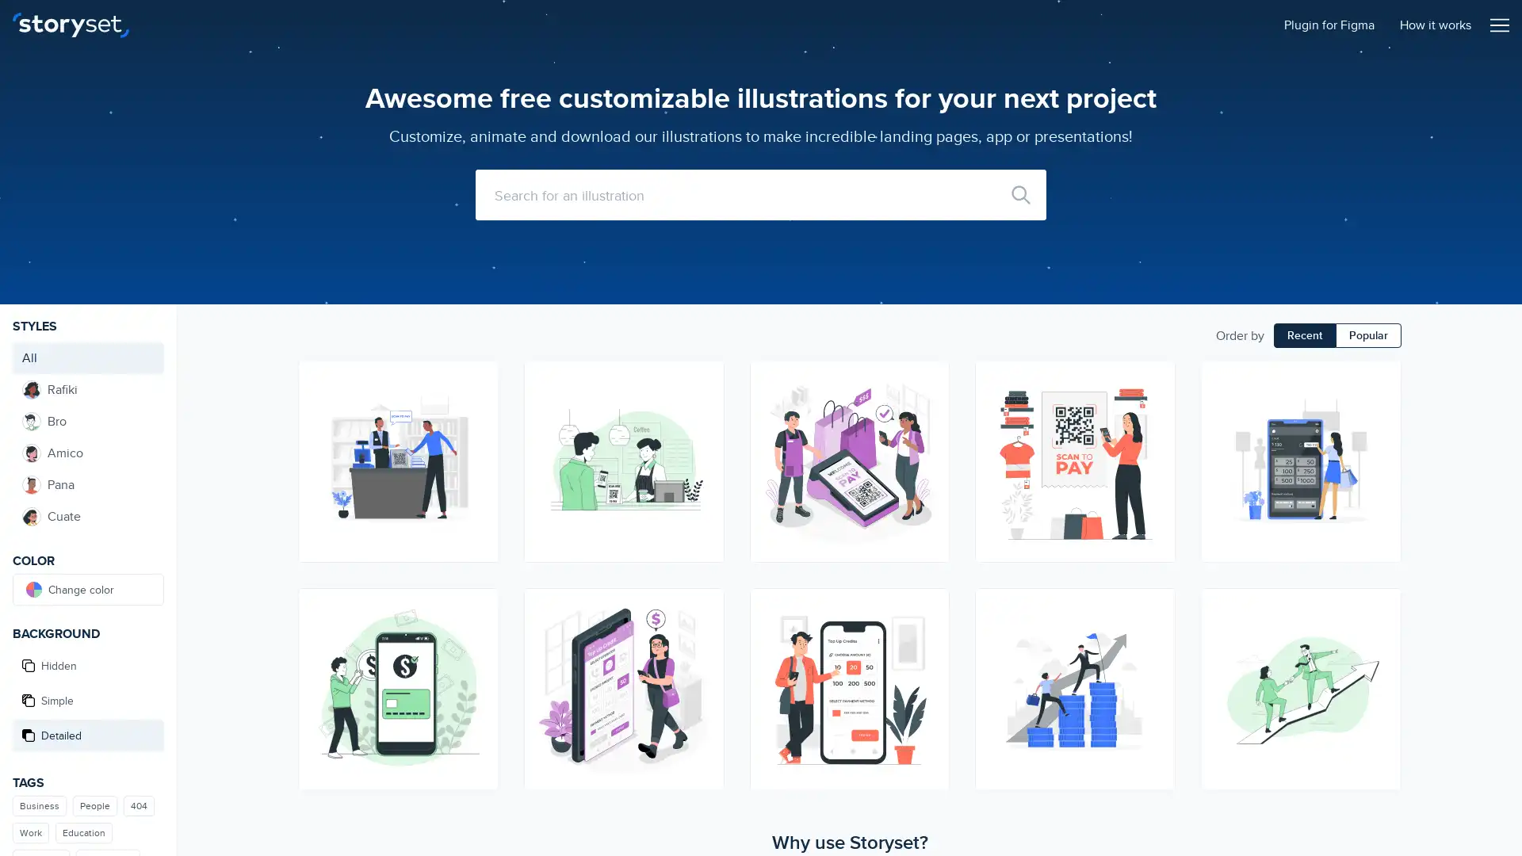 This screenshot has height=856, width=1522. What do you see at coordinates (477, 380) in the screenshot?
I see `wand icon Animate` at bounding box center [477, 380].